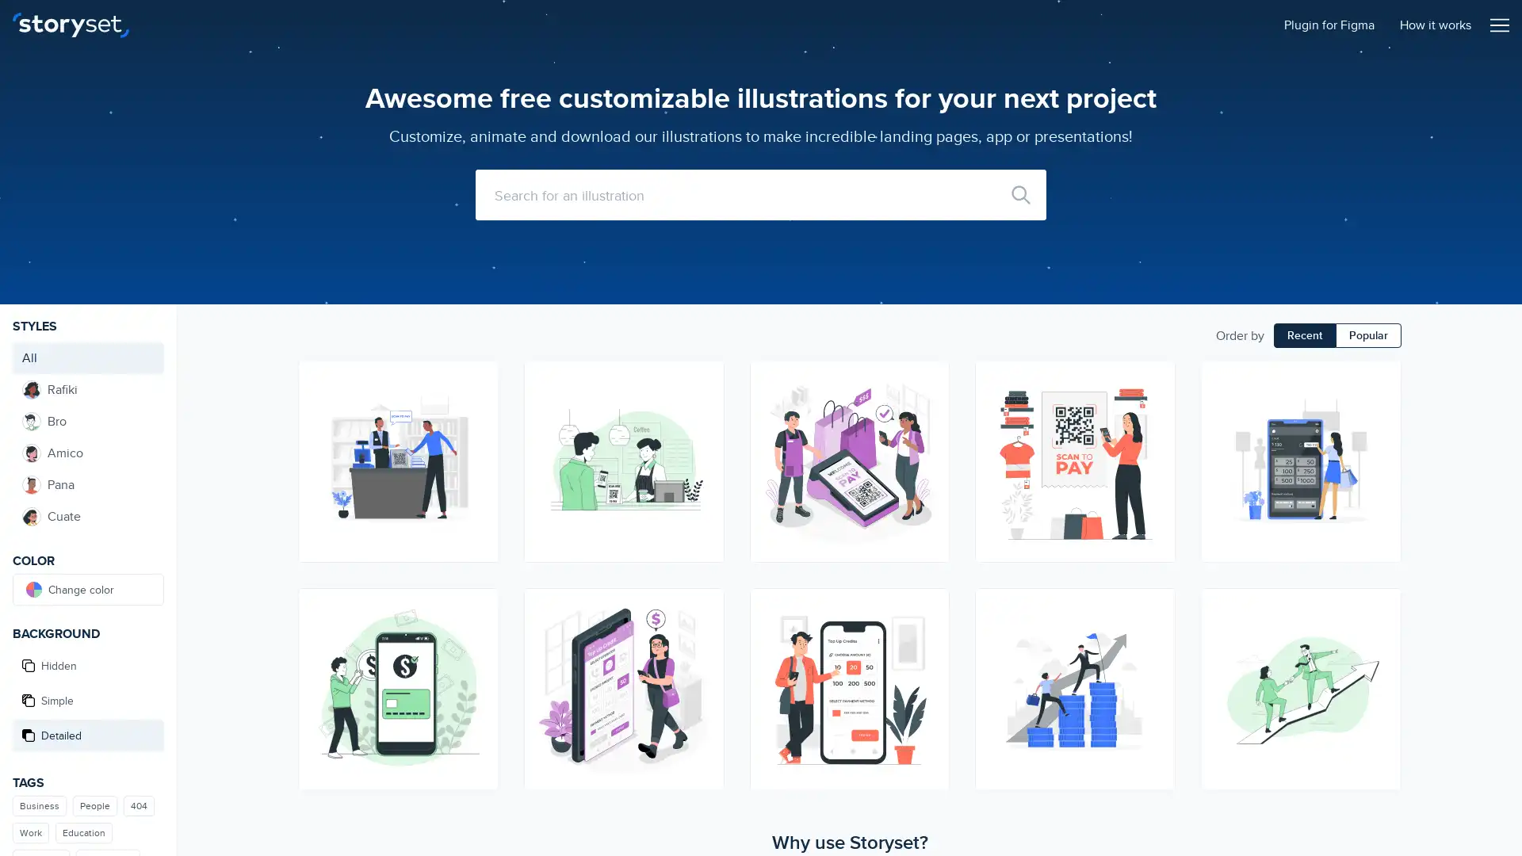 This screenshot has height=856, width=1522. What do you see at coordinates (477, 380) in the screenshot?
I see `wand icon Animate` at bounding box center [477, 380].